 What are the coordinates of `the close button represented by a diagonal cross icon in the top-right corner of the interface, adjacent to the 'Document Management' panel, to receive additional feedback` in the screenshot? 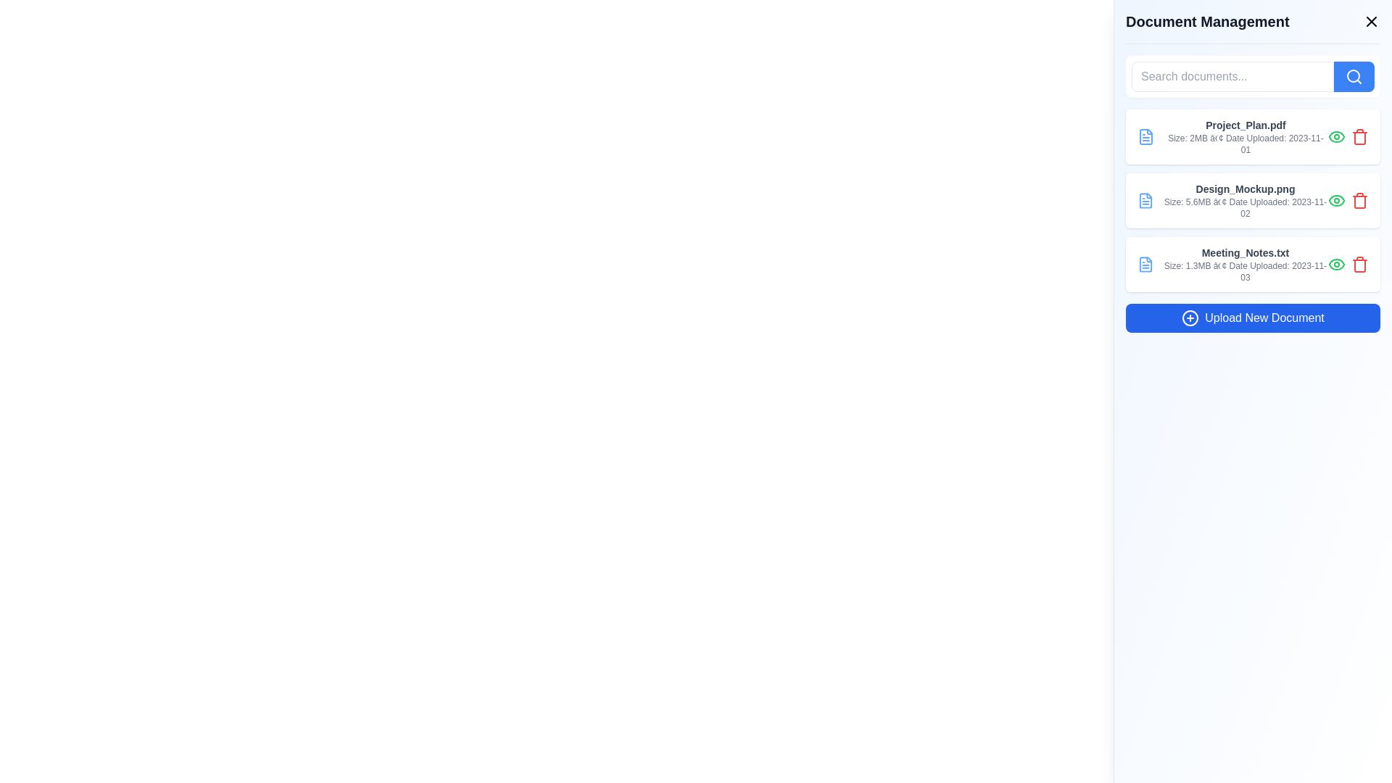 It's located at (1370, 22).